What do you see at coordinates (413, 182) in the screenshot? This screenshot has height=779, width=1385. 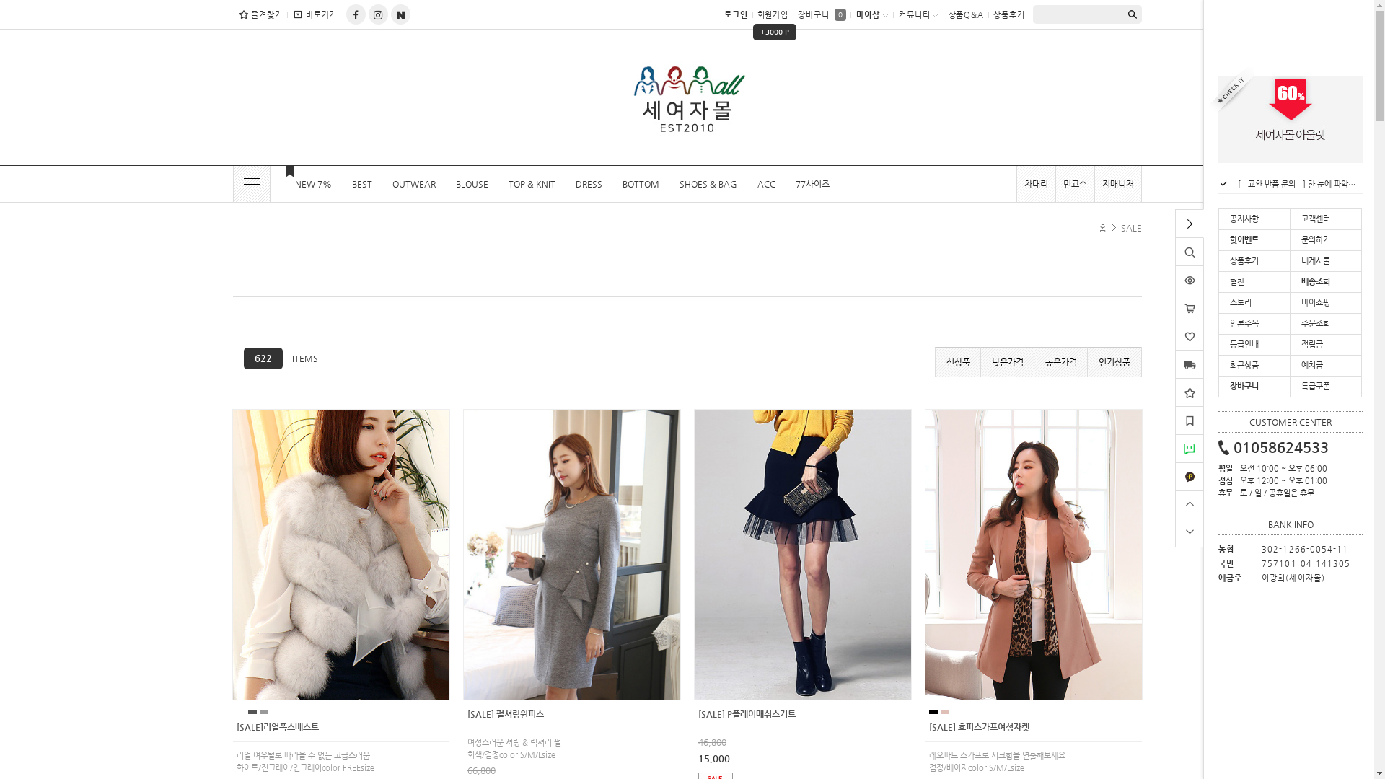 I see `'OUTWEAR'` at bounding box center [413, 182].